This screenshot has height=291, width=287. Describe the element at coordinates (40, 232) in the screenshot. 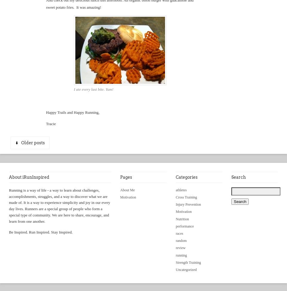

I see `'Be Inspired. Run Inspired. Stay Inspired.'` at that location.